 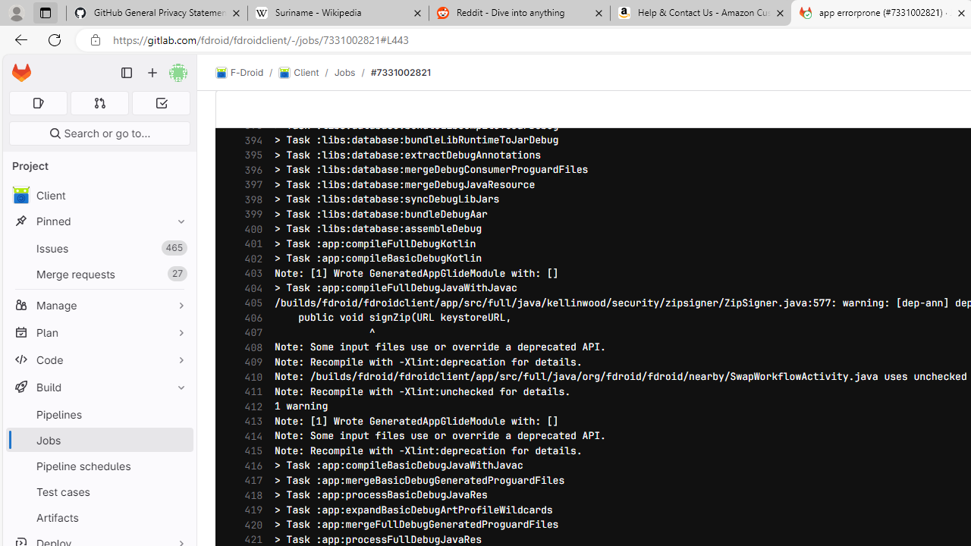 I want to click on '414', so click(x=250, y=436).